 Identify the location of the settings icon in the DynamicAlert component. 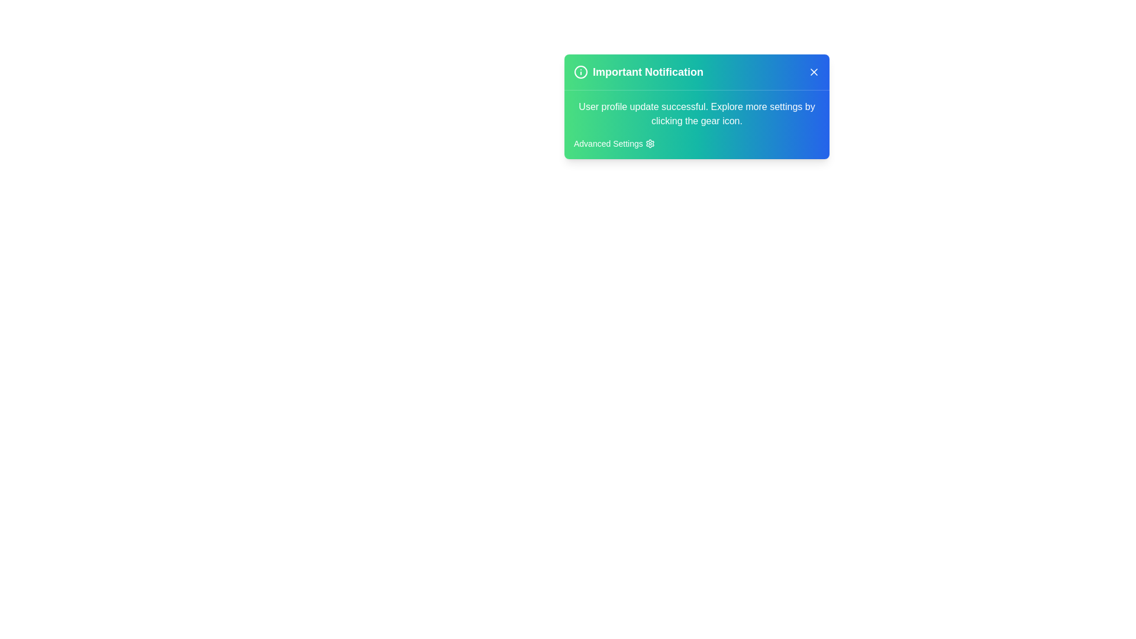
(649, 143).